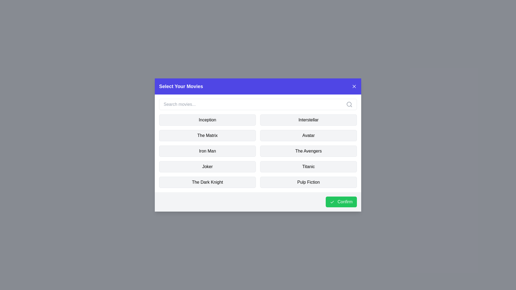  What do you see at coordinates (207, 182) in the screenshot?
I see `the movie named The Dark Knight to toggle its selection state` at bounding box center [207, 182].